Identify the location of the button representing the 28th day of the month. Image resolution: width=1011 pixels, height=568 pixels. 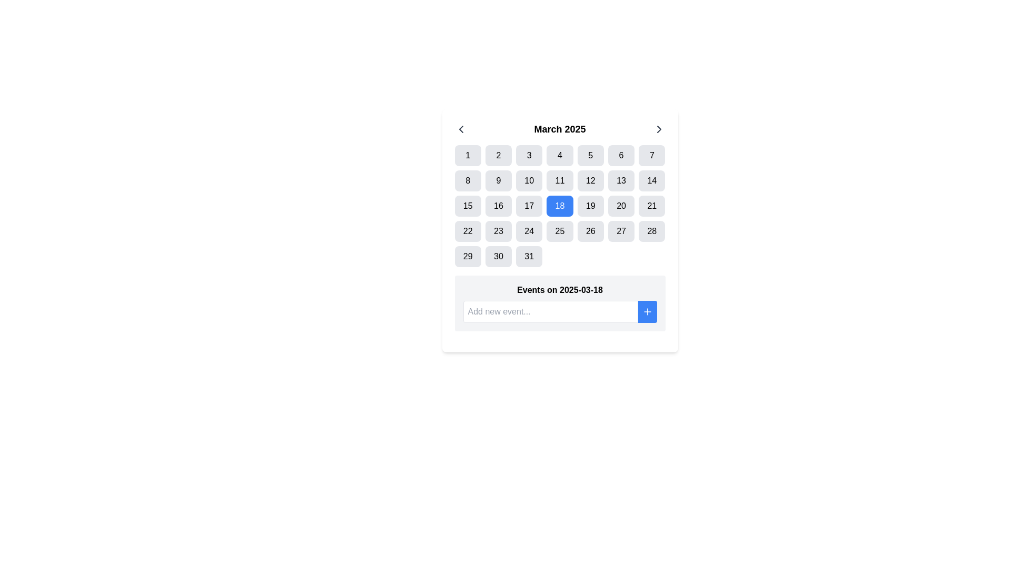
(651, 230).